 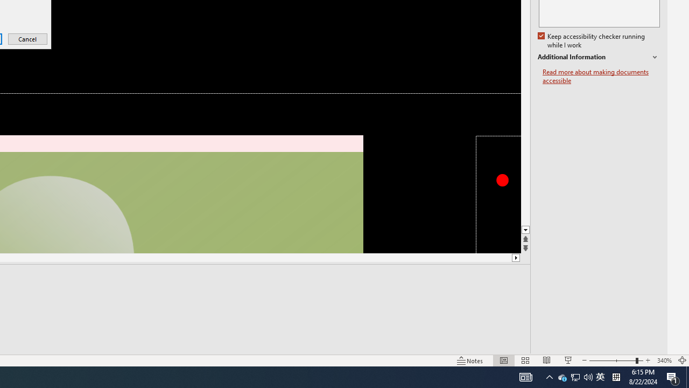 What do you see at coordinates (616, 376) in the screenshot?
I see `'Tray Input Indicator - Chinese (Simplified, China)'` at bounding box center [616, 376].